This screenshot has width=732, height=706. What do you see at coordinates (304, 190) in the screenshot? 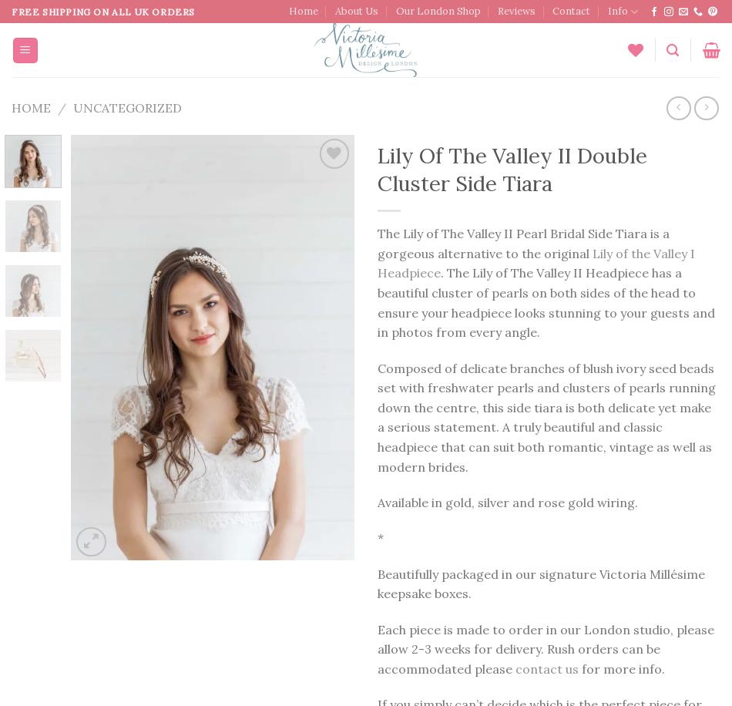
I see `'Add to Wishlist'` at bounding box center [304, 190].